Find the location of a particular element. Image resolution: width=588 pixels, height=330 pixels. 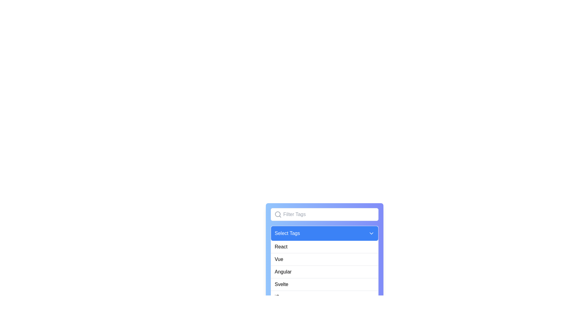

the 'Select Tags' dropdown button, which is a rectangular button with rounded corners and a blue background is located at coordinates (324, 233).